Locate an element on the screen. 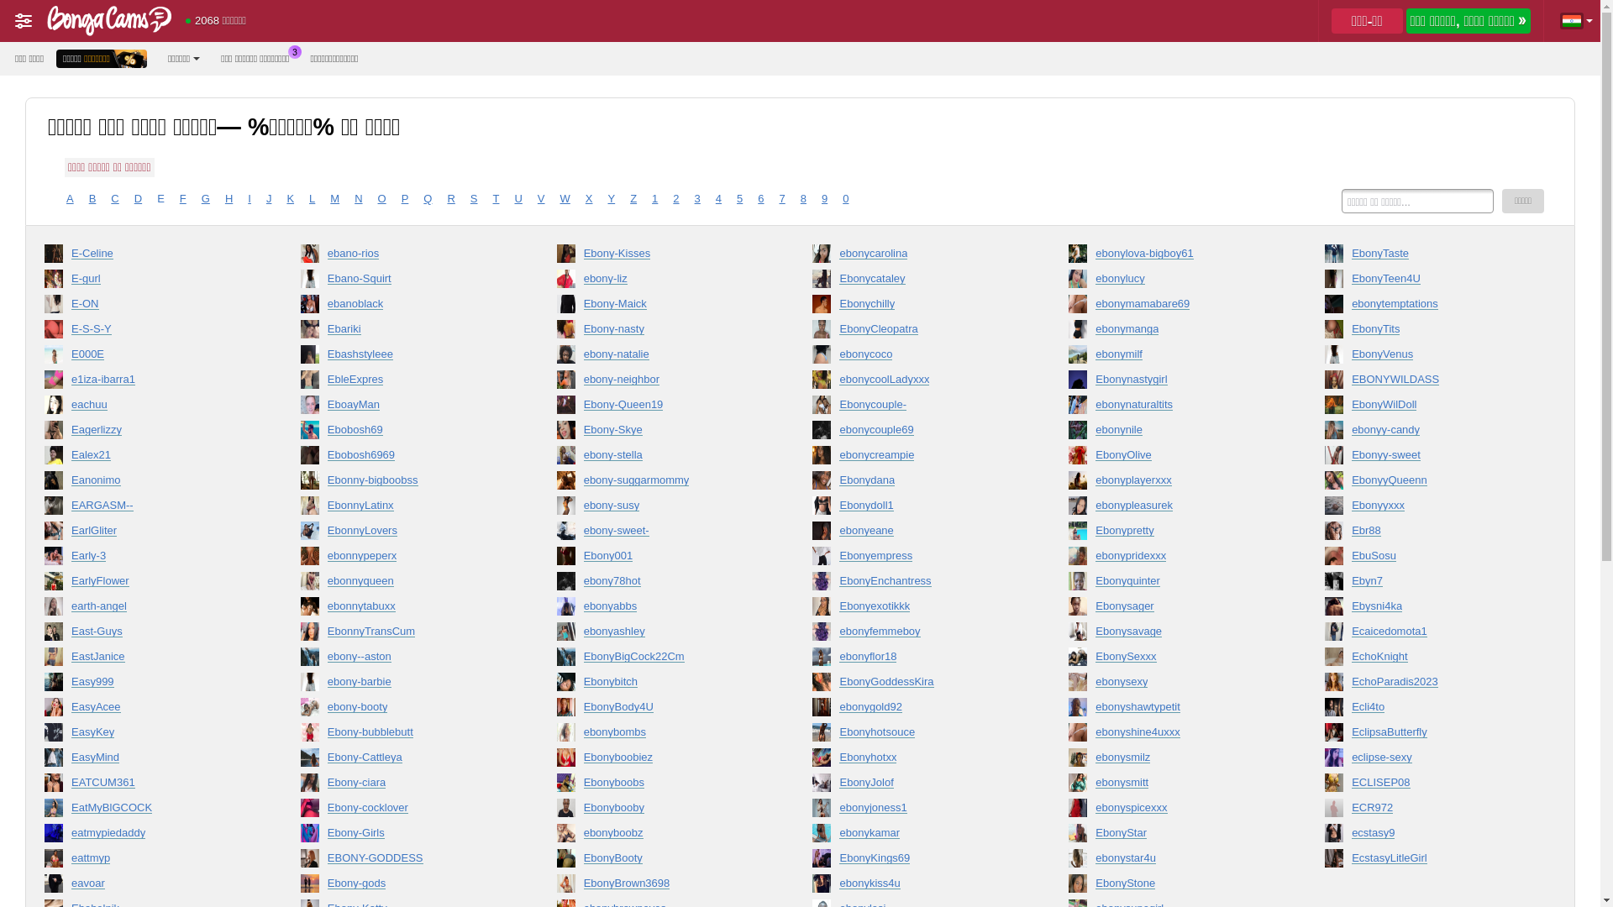  'P' is located at coordinates (405, 197).